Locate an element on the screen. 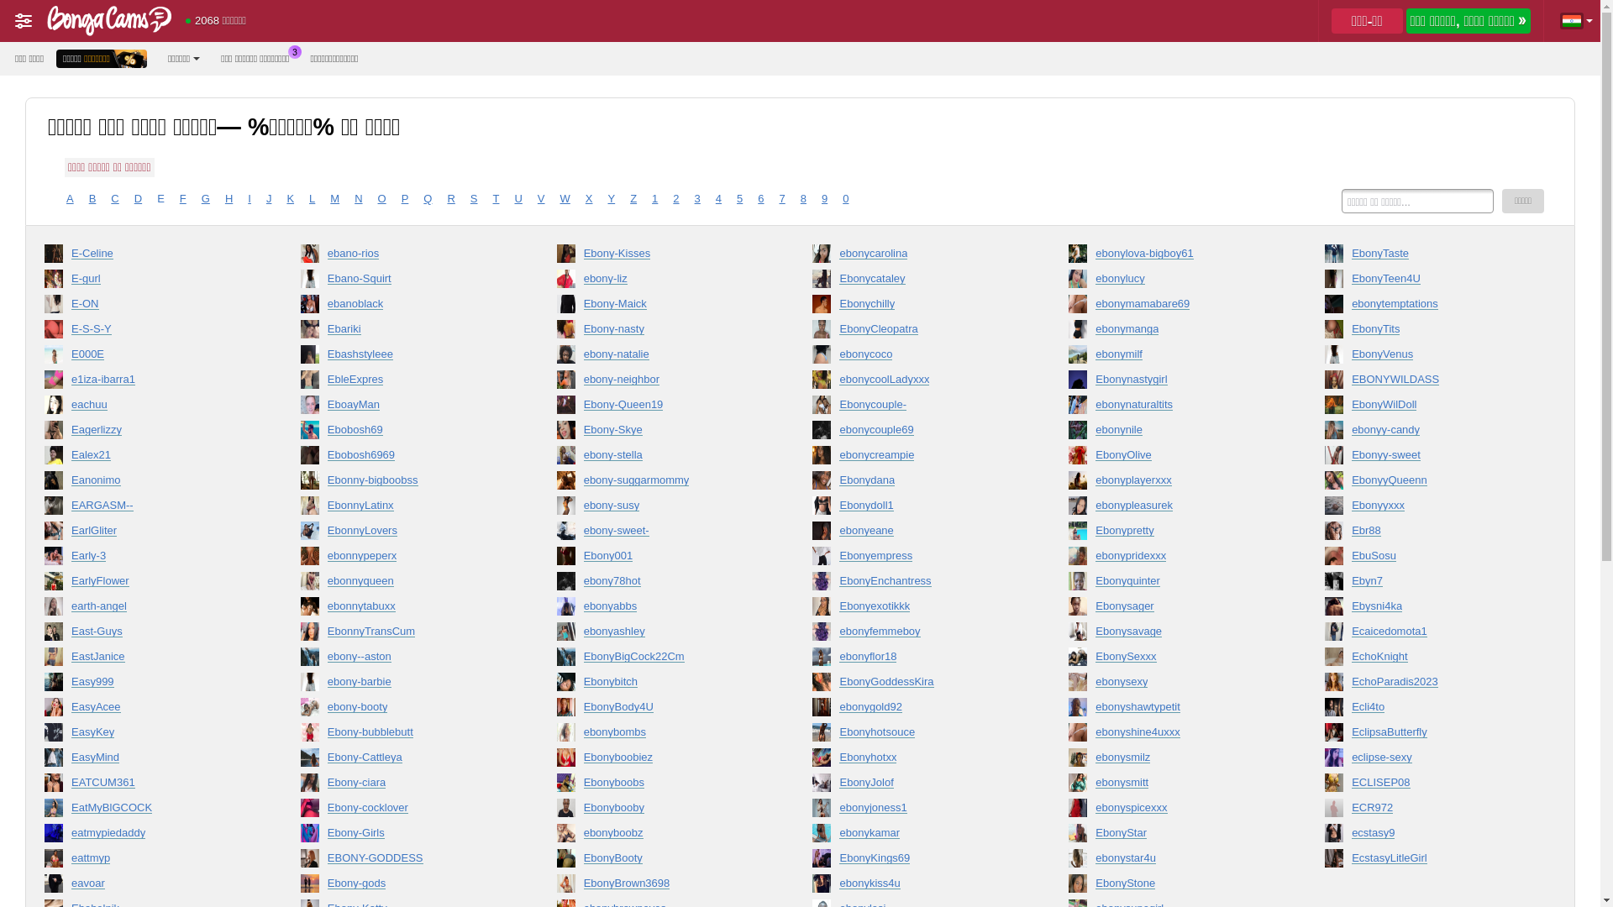  'P' is located at coordinates (405, 197).